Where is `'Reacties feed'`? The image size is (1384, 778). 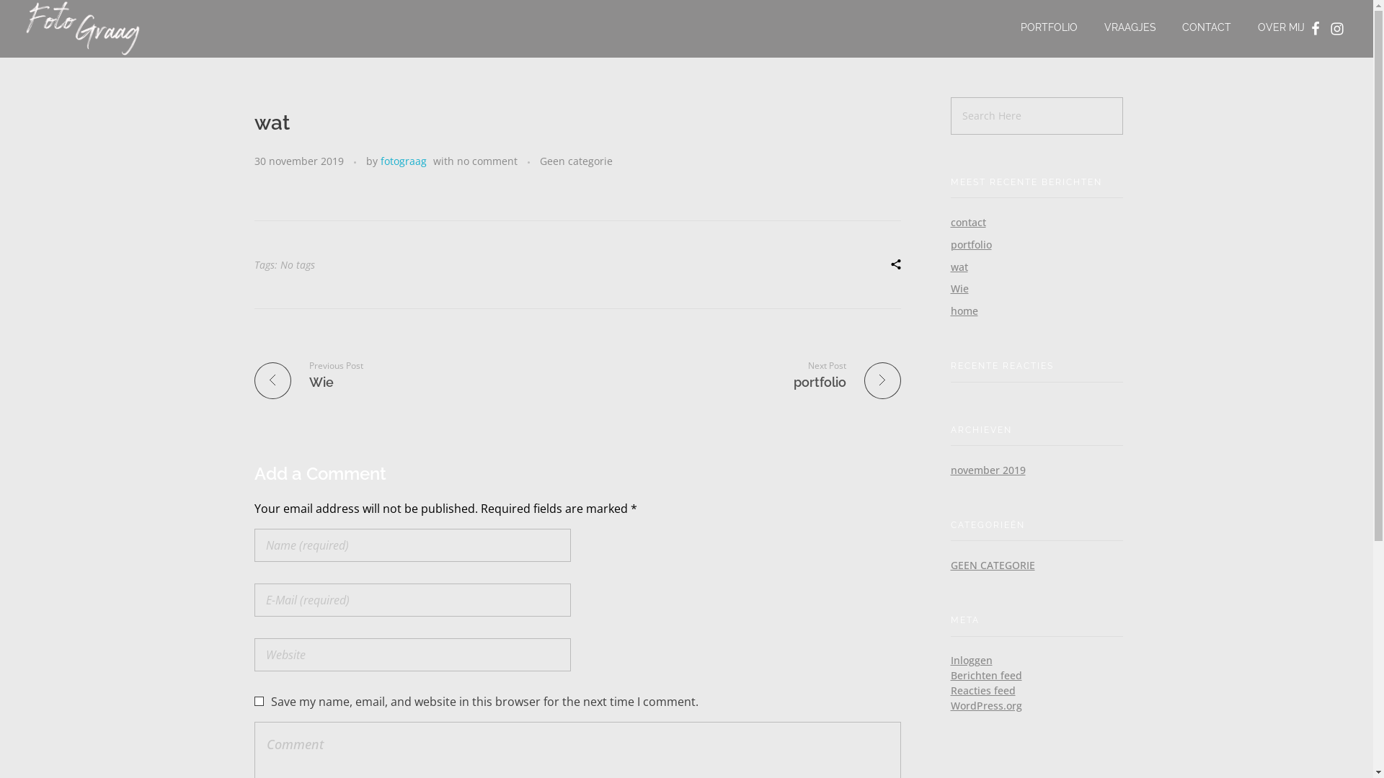 'Reacties feed' is located at coordinates (982, 689).